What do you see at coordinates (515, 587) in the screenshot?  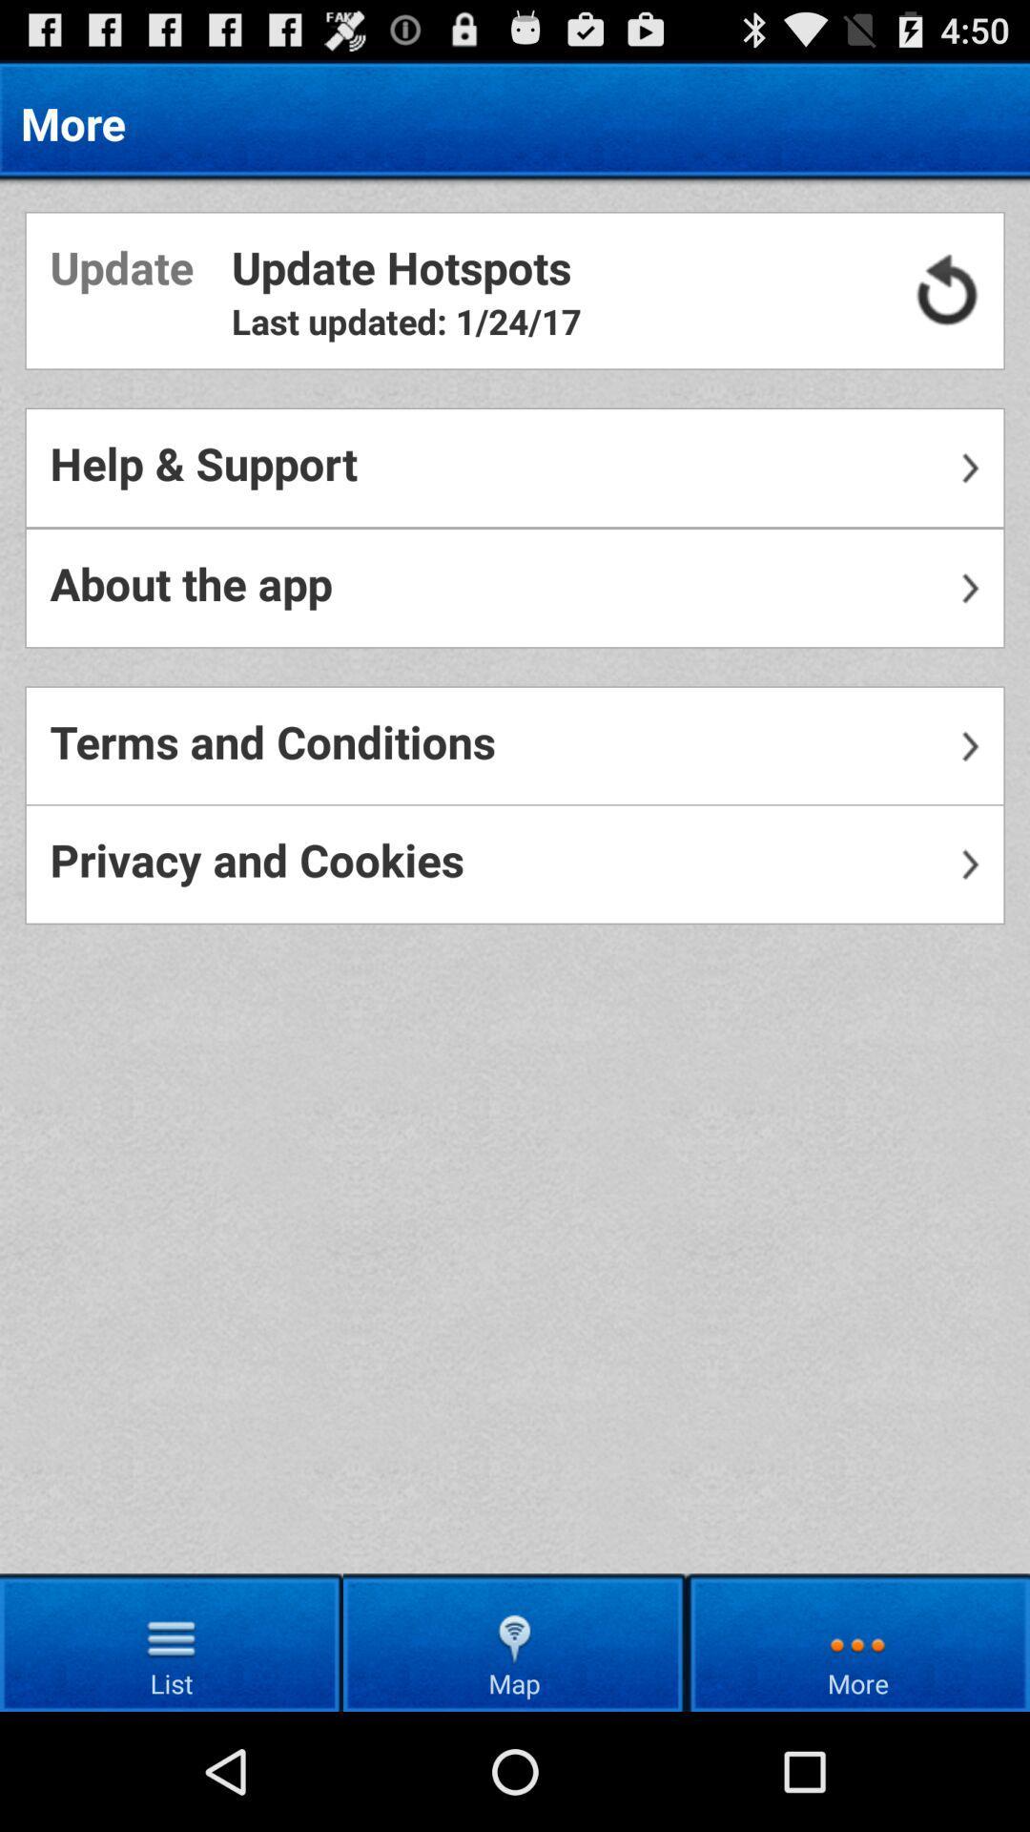 I see `icon below help & support icon` at bounding box center [515, 587].